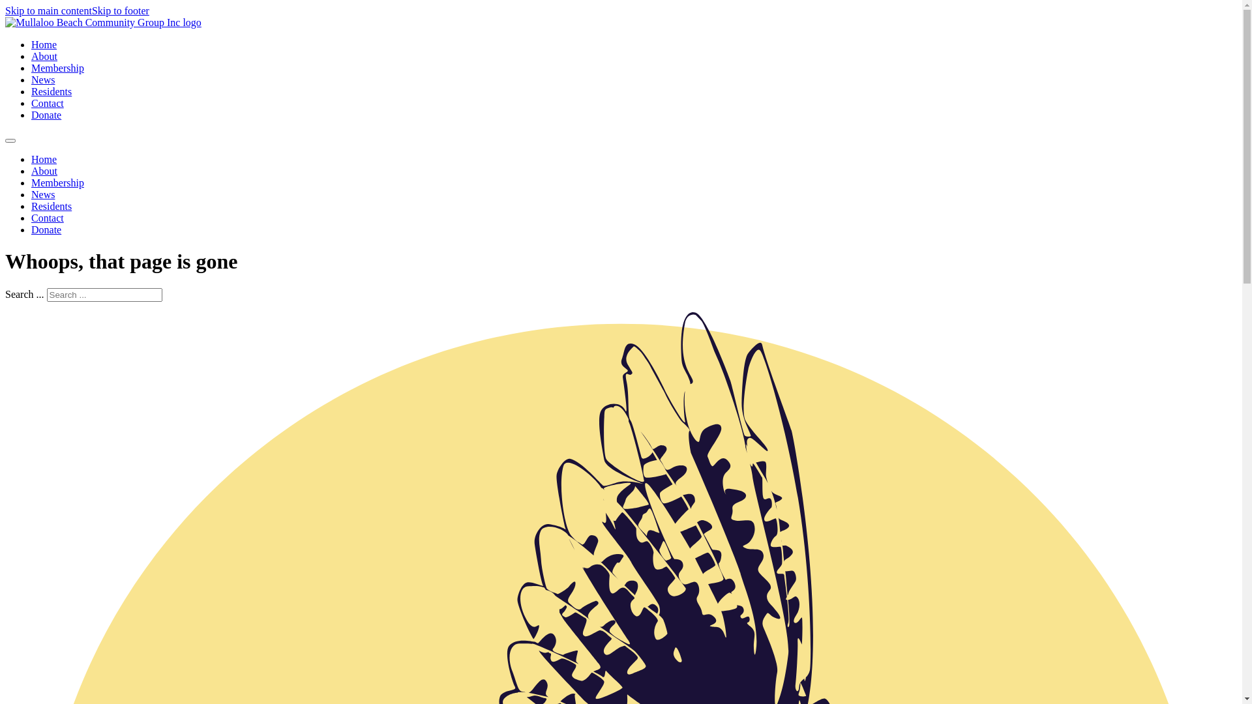  Describe the element at coordinates (47, 102) in the screenshot. I see `'Contact'` at that location.